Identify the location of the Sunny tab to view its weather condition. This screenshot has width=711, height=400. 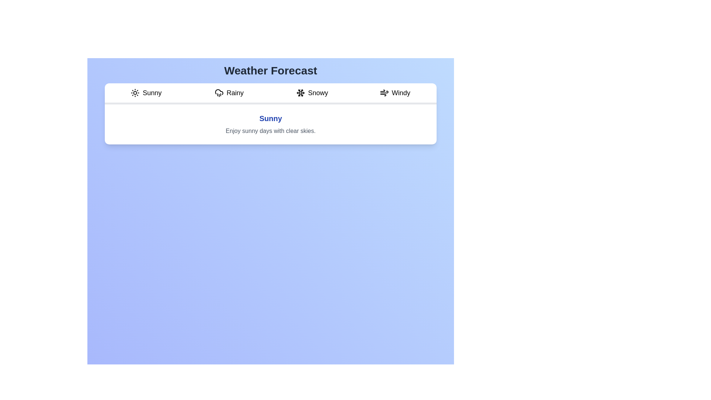
(146, 93).